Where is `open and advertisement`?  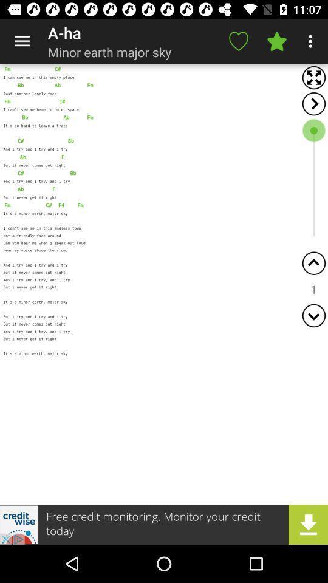 open and advertisement is located at coordinates (164, 524).